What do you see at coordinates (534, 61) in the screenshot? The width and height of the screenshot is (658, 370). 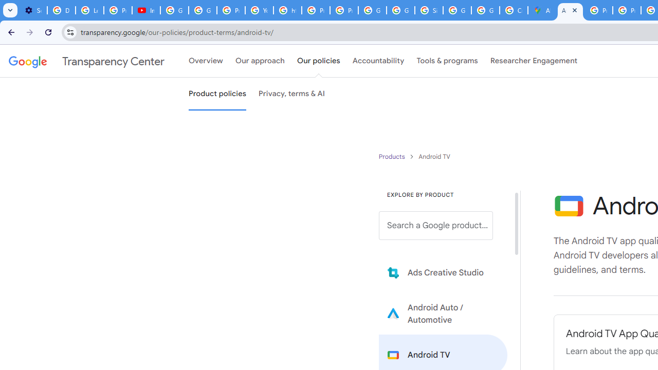 I see `'Researcher Engagement'` at bounding box center [534, 61].